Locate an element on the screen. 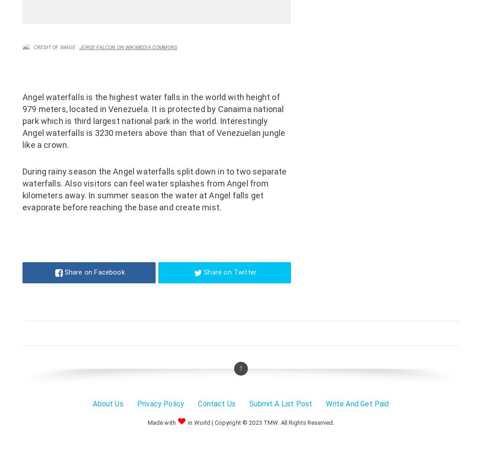  'Submit A List Post' is located at coordinates (280, 403).